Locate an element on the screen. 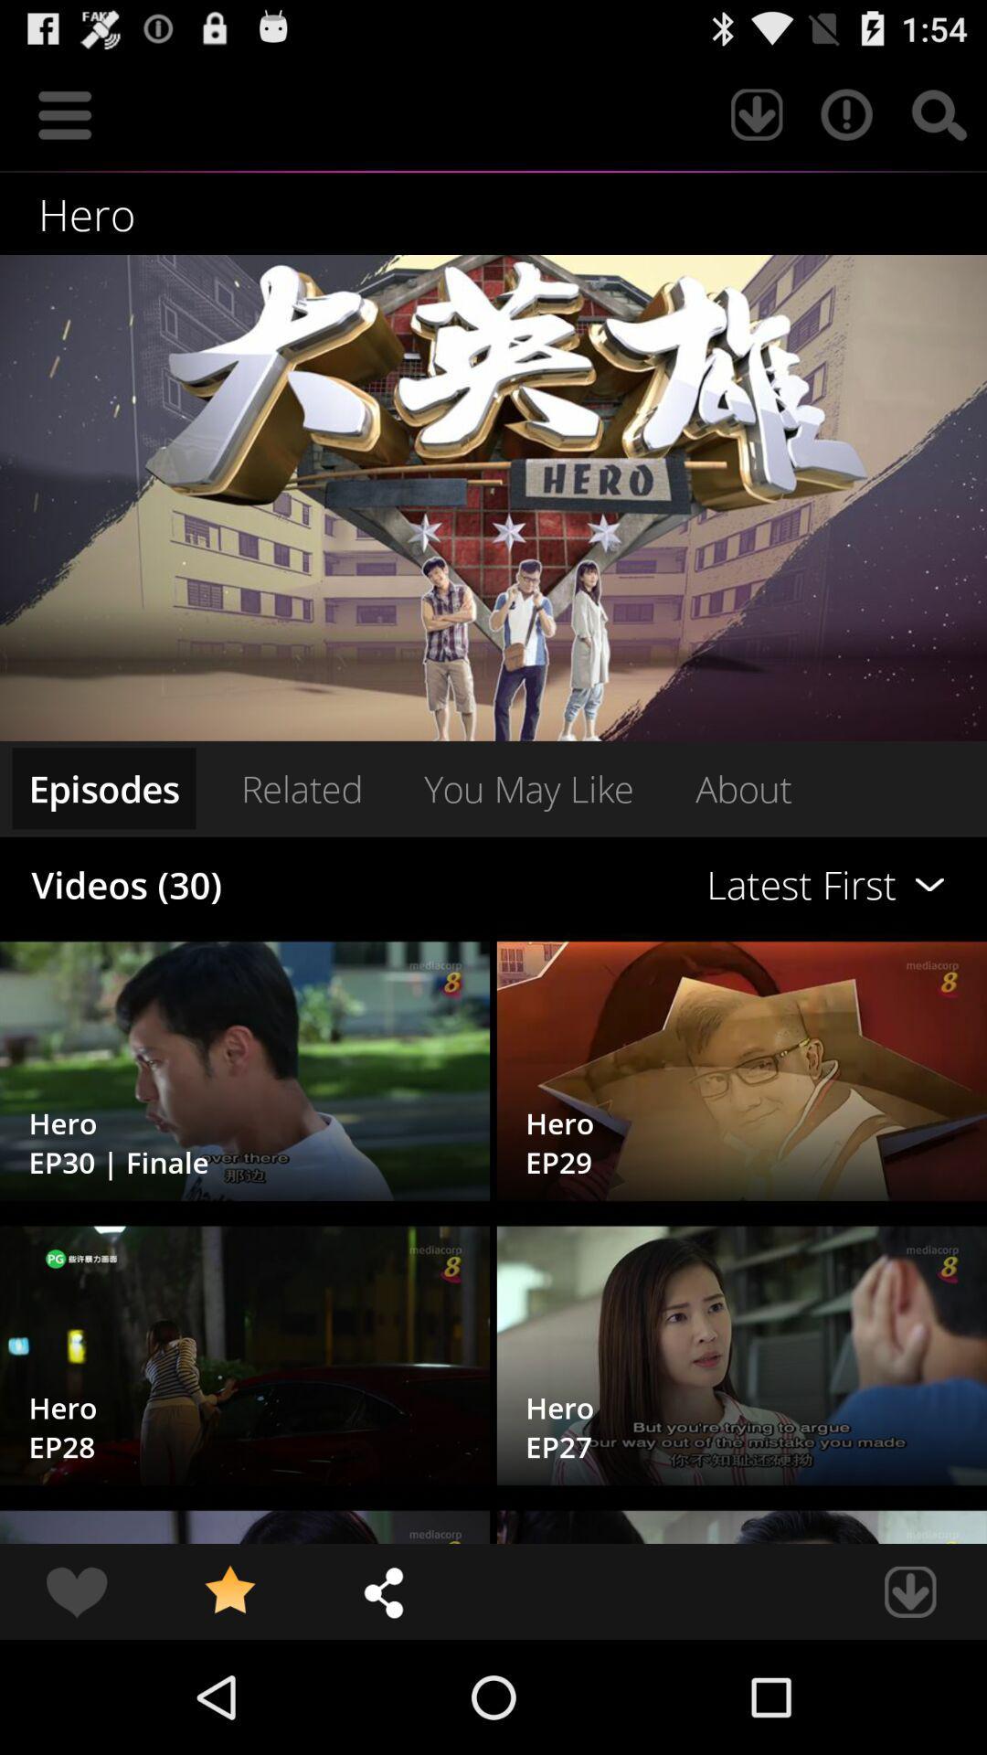 This screenshot has width=987, height=1755. item to the right of related icon is located at coordinates (528, 788).